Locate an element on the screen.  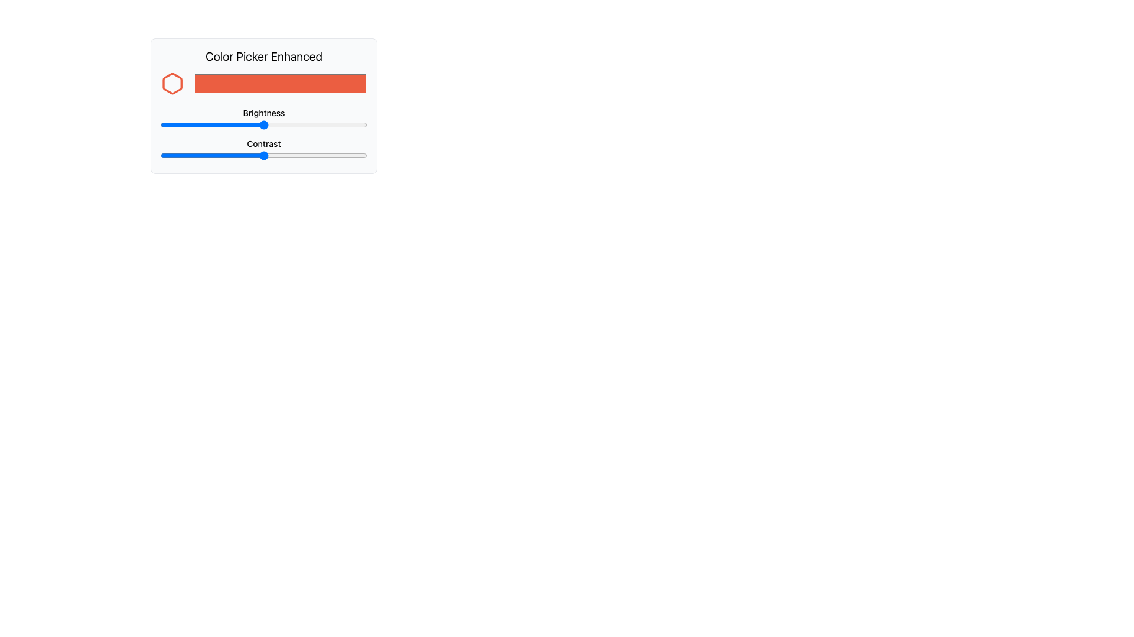
the red hexagonal SVG icon with a white internal fill and red border located in the top-left corner of the card, beside the title 'Color Picker Enhanced' is located at coordinates (172, 83).